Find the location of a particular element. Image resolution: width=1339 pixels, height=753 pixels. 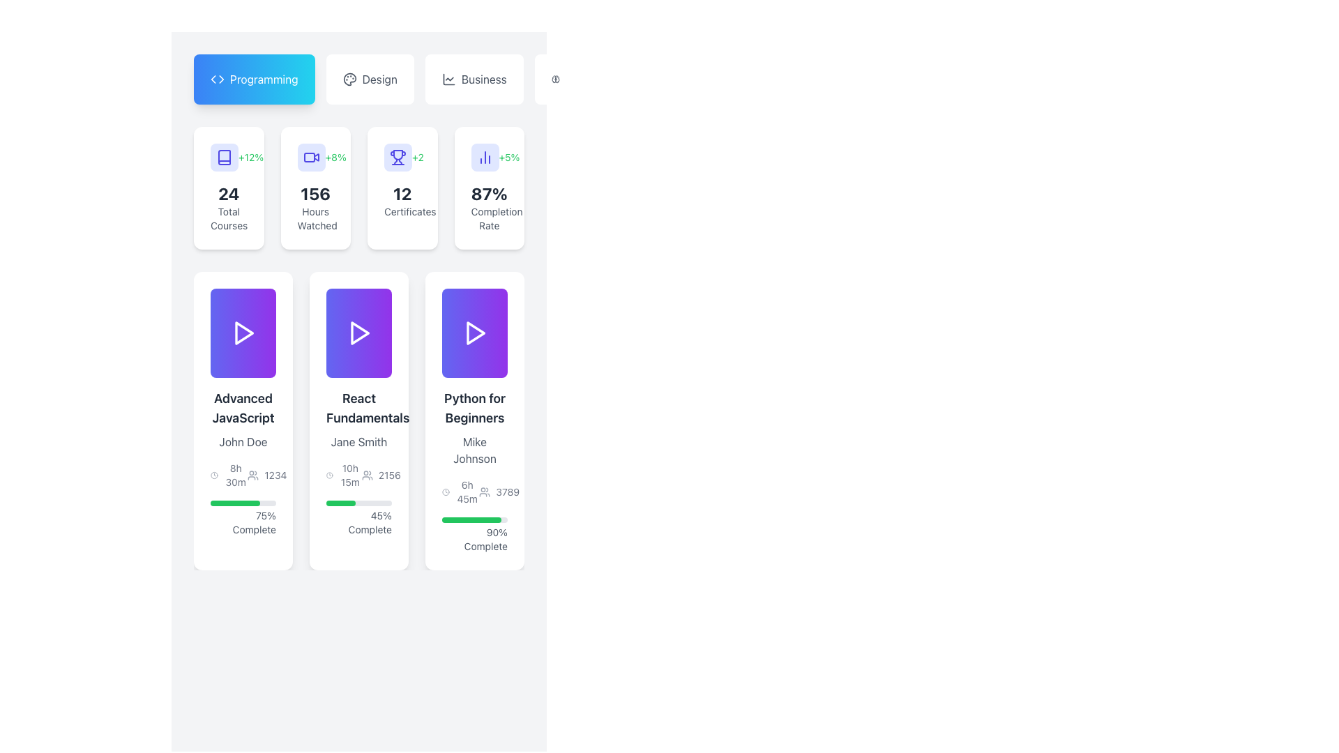

the indigo trophy icon, which is styled with rounded edges and located in the third card from the left in the top row of a grid of similar elements is located at coordinates (398, 157).